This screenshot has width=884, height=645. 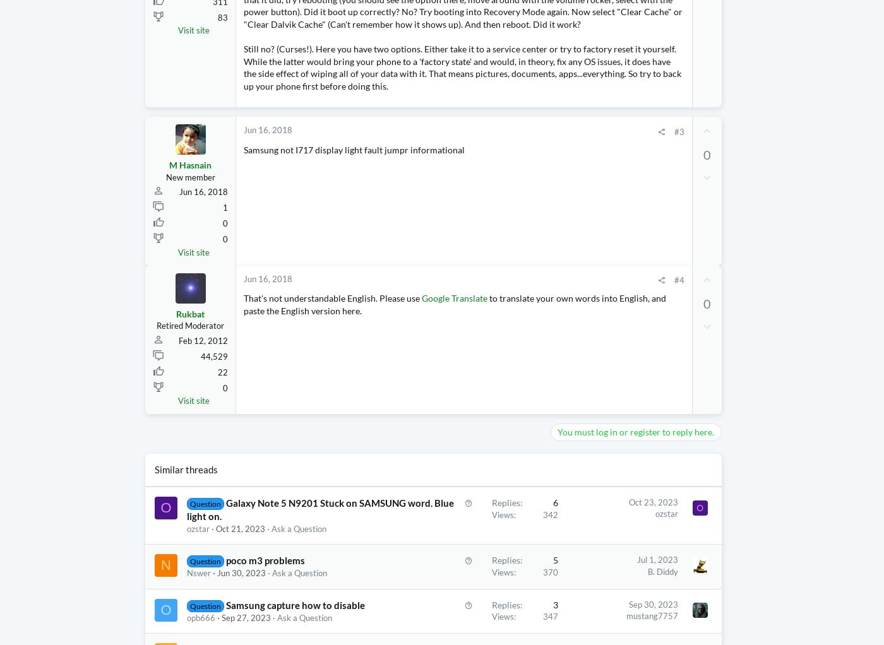 What do you see at coordinates (296, 629) in the screenshot?
I see `'Samsung capture how to disable'` at bounding box center [296, 629].